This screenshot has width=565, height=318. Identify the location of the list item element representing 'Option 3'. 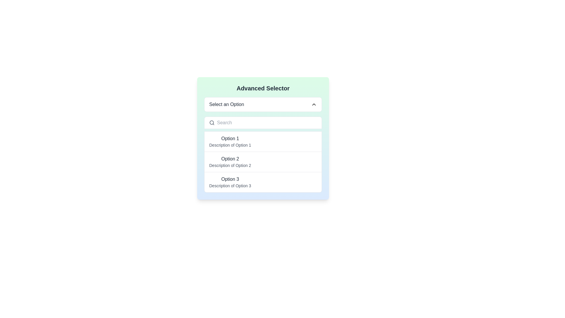
(230, 182).